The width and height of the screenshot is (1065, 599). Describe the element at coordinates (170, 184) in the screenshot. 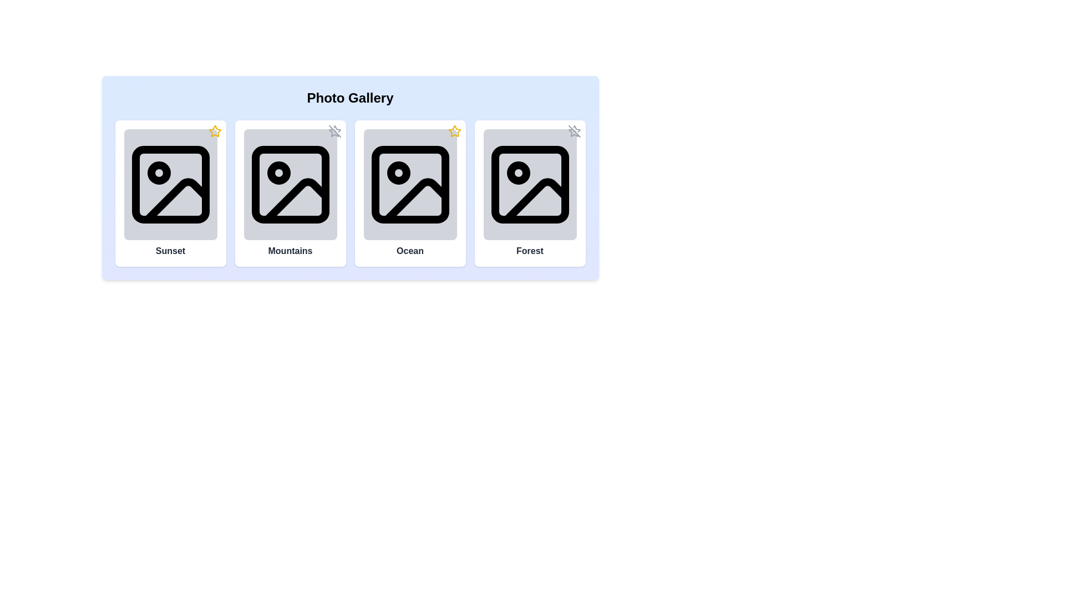

I see `the photo titled Sunset to view and focus on it` at that location.